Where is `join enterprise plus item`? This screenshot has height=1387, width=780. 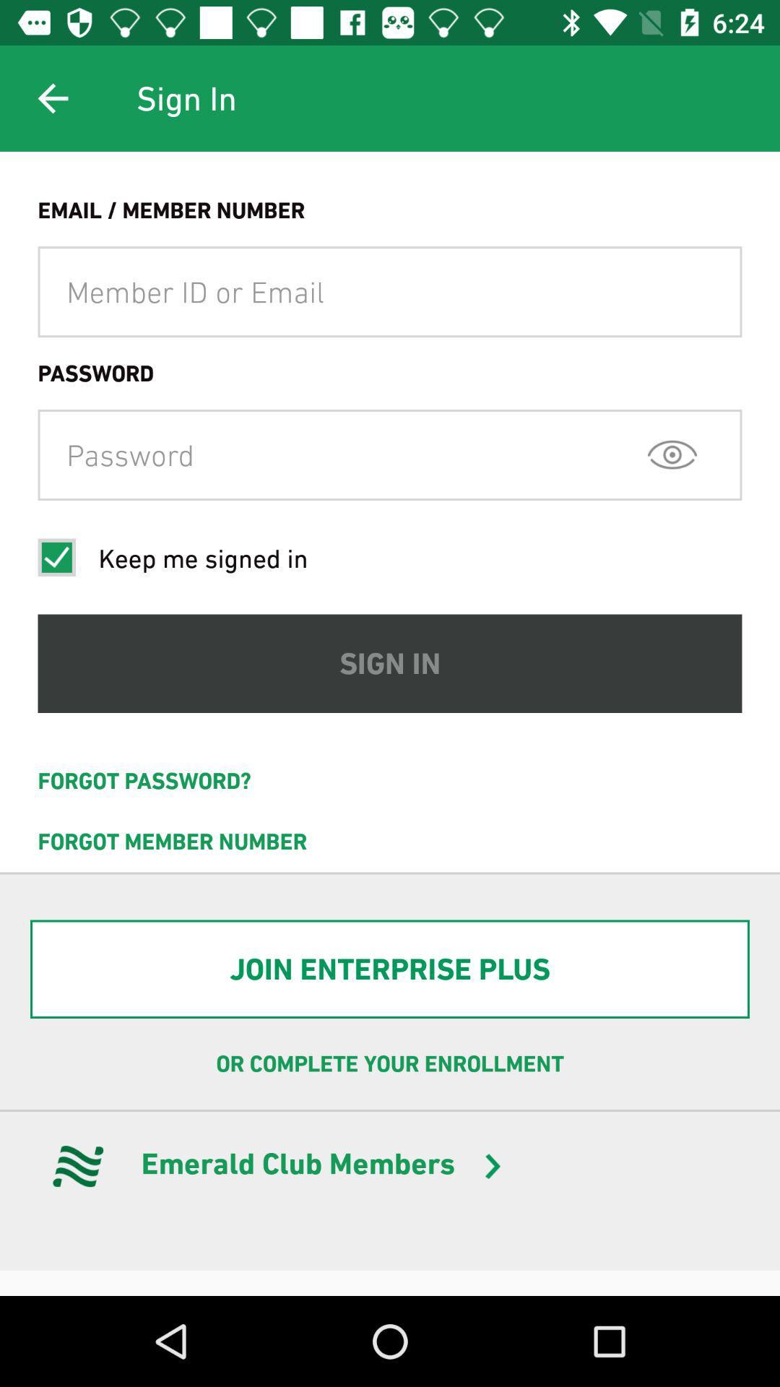
join enterprise plus item is located at coordinates (390, 969).